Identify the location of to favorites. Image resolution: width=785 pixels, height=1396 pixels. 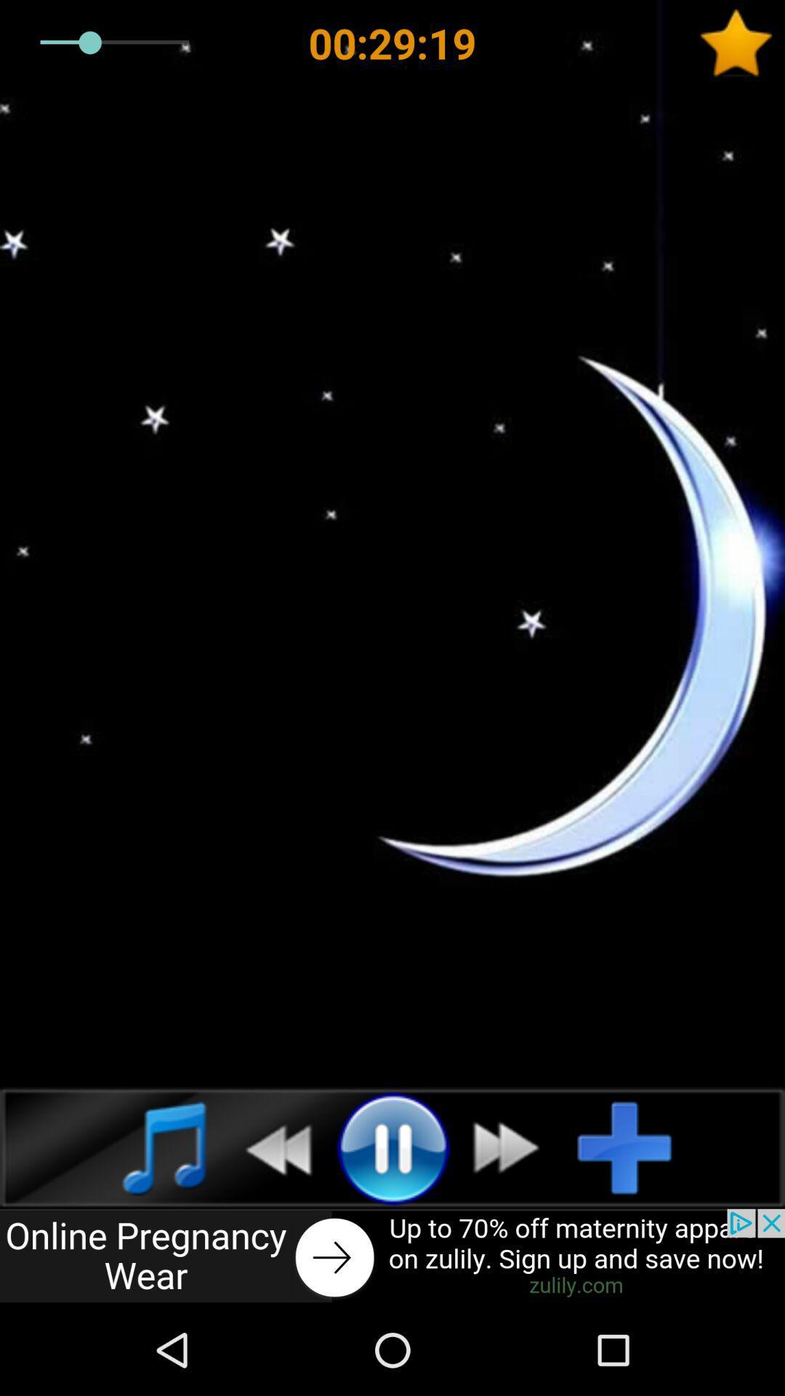
(741, 43).